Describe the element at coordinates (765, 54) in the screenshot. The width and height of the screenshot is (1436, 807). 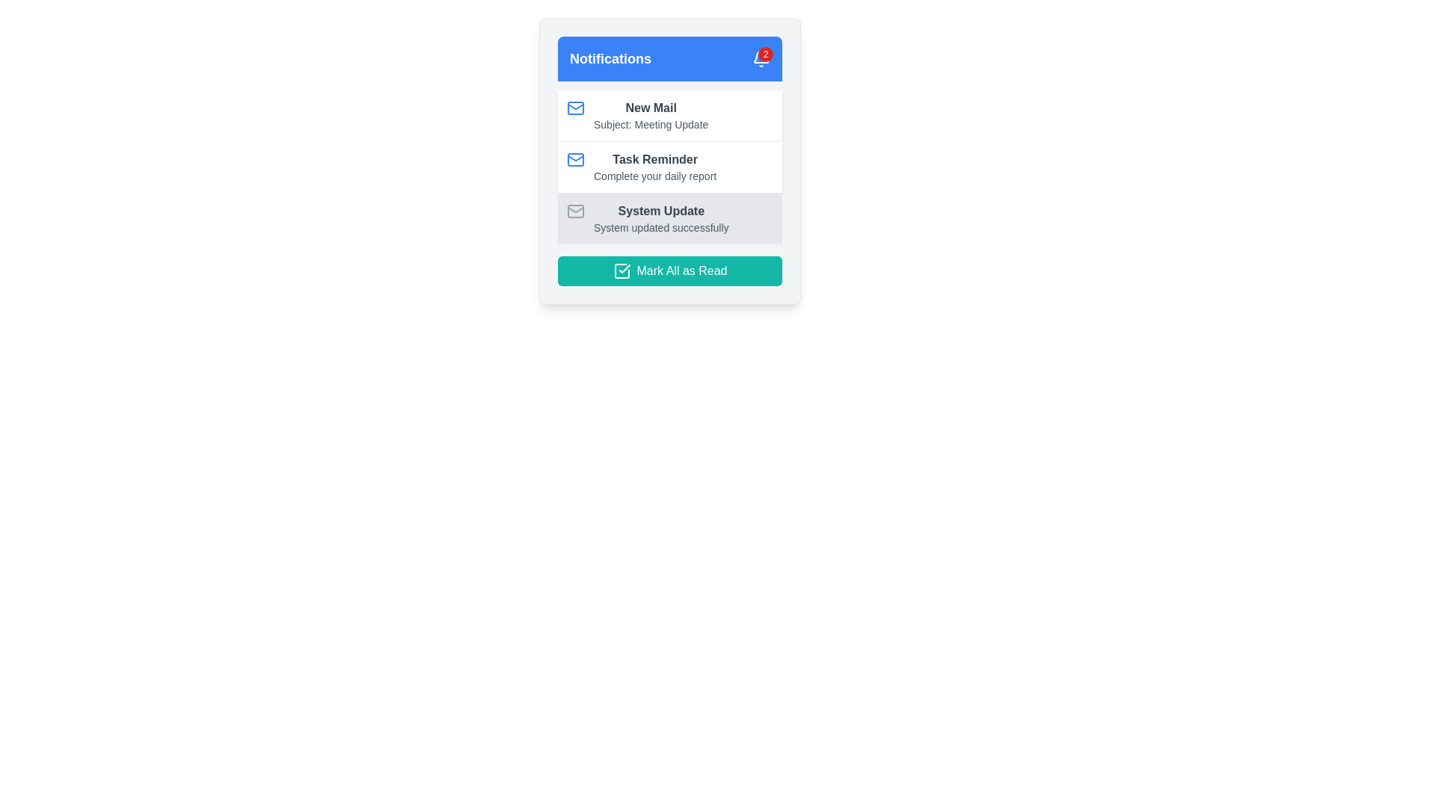
I see `circular badge with a red background and white text displaying the number '2', located at the top-right corner of the notification bell icon` at that location.